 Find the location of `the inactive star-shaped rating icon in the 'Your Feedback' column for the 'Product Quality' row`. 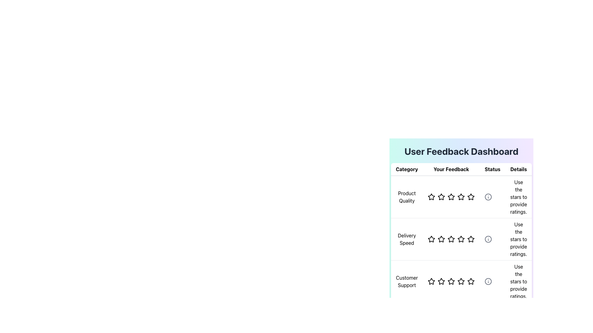

the inactive star-shaped rating icon in the 'Your Feedback' column for the 'Product Quality' row is located at coordinates (471, 197).